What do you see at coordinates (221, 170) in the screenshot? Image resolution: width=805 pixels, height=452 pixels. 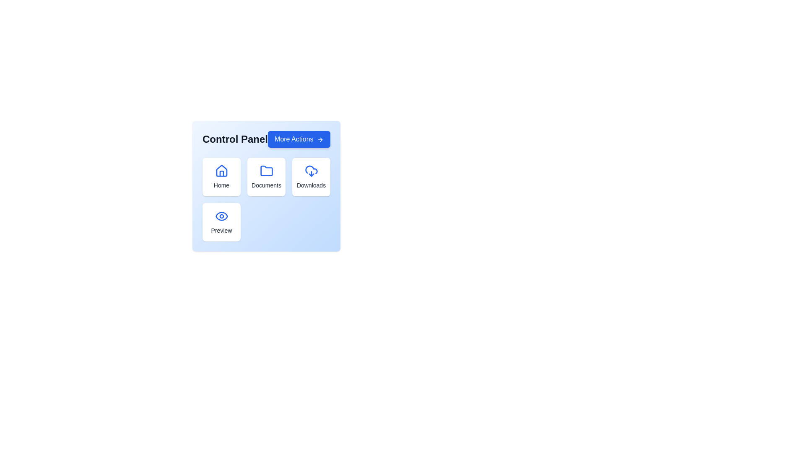 I see `the 'Home' icon located in the top-left card of the control panel interface` at bounding box center [221, 170].